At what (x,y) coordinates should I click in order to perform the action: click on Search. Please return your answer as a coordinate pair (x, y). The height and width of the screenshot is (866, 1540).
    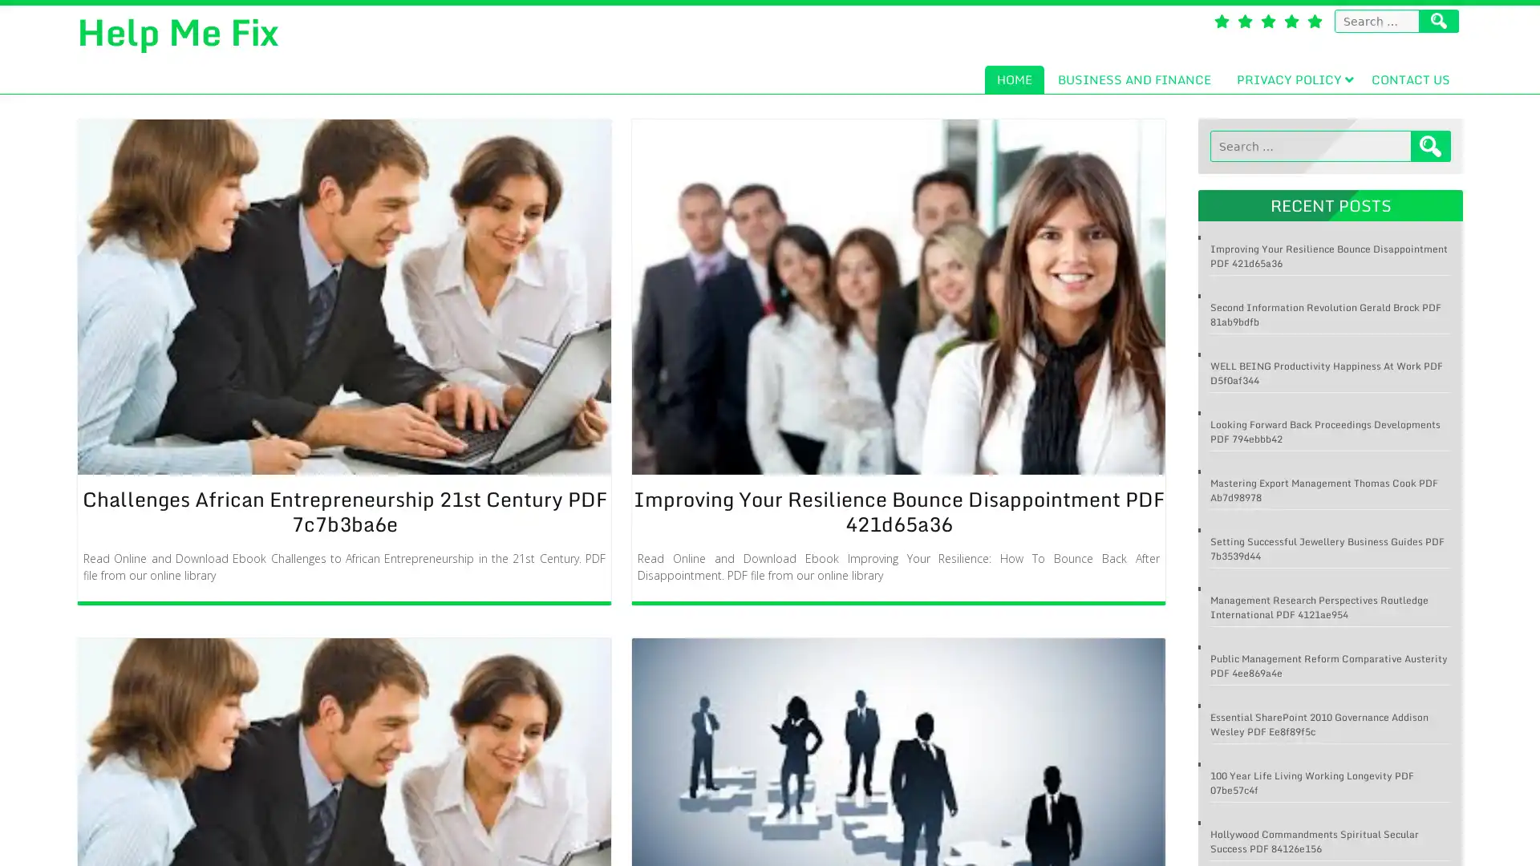
    Looking at the image, I should click on (1431, 146).